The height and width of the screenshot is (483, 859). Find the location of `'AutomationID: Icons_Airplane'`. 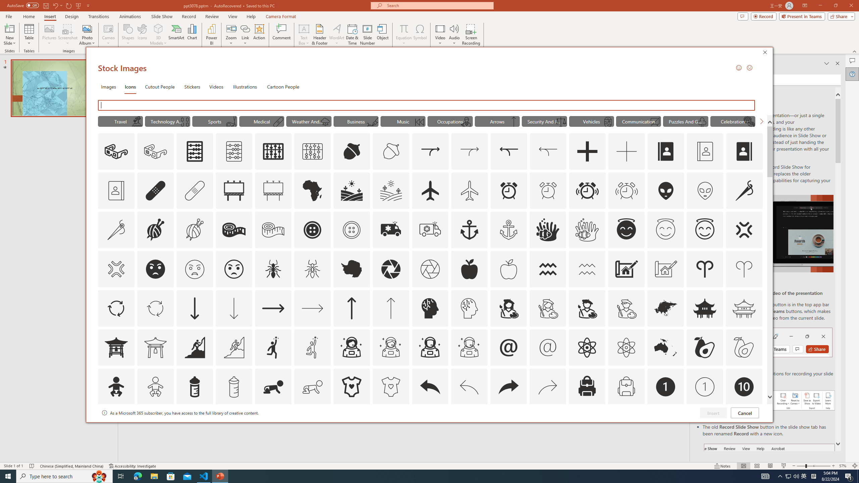

'AutomationID: Icons_Airplane' is located at coordinates (430, 190).